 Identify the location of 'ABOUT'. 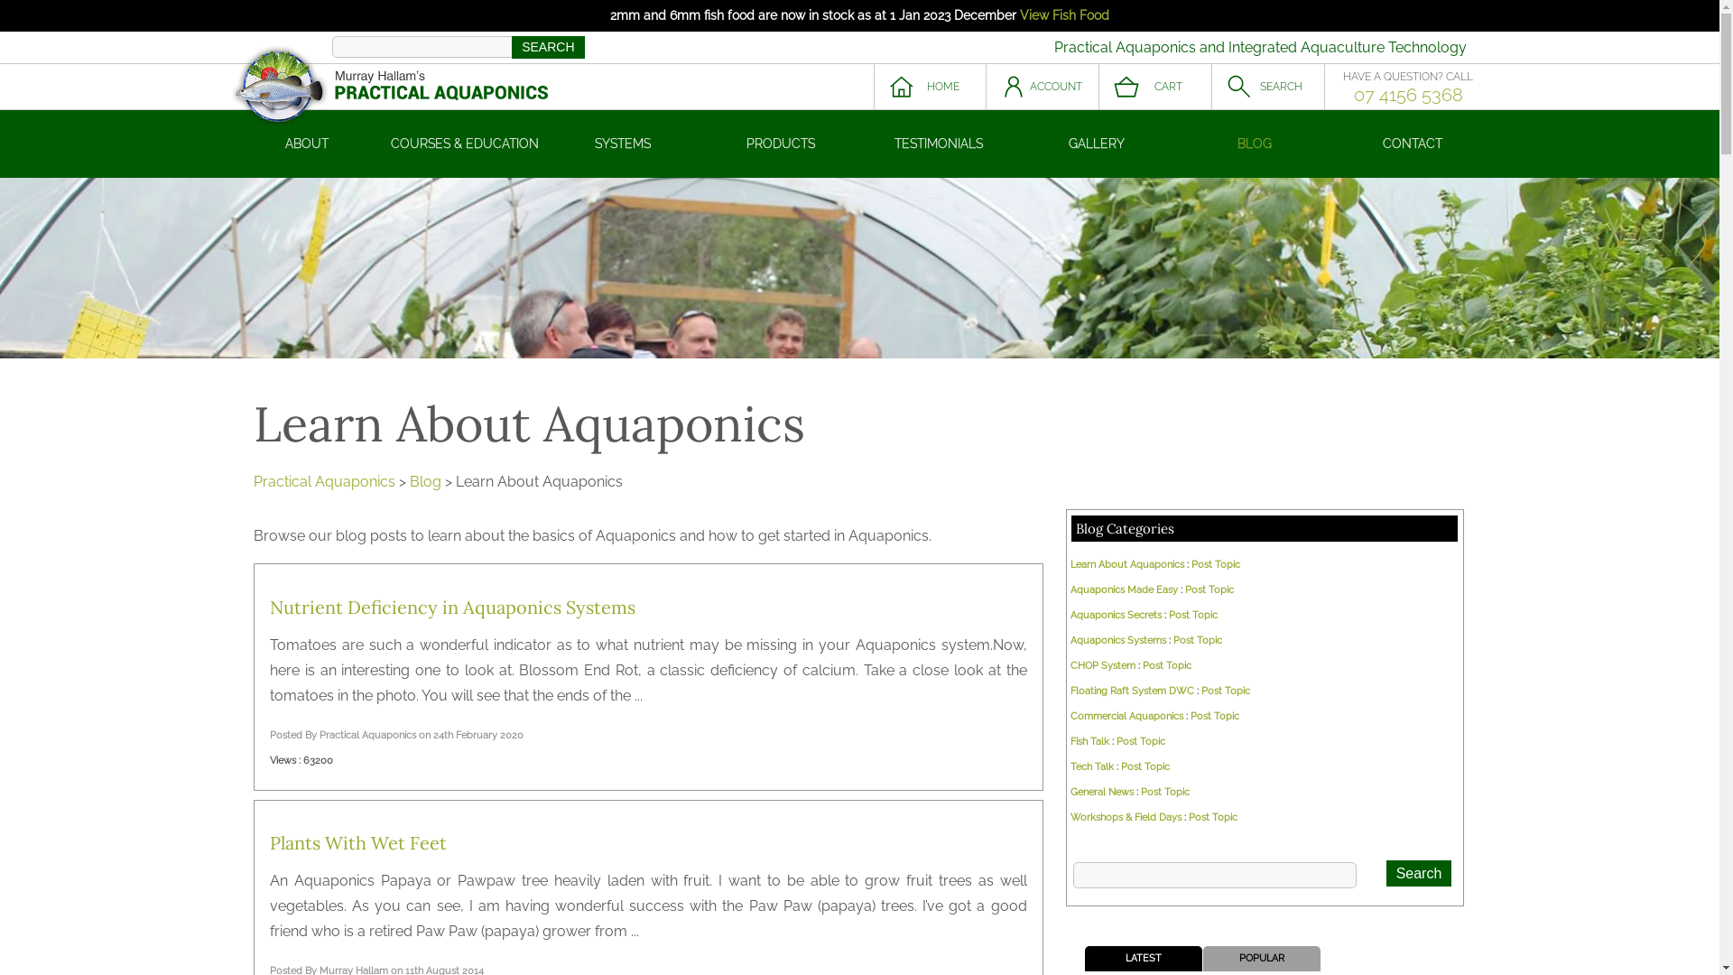
(306, 143).